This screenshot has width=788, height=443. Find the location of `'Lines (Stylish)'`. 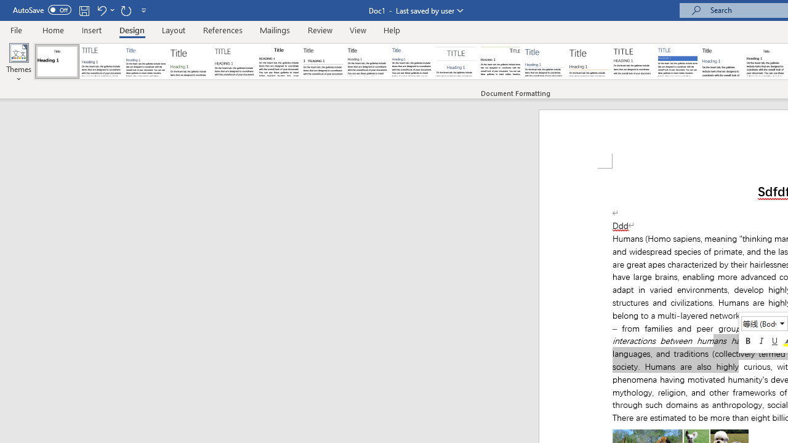

'Lines (Stylish)' is located at coordinates (589, 62).